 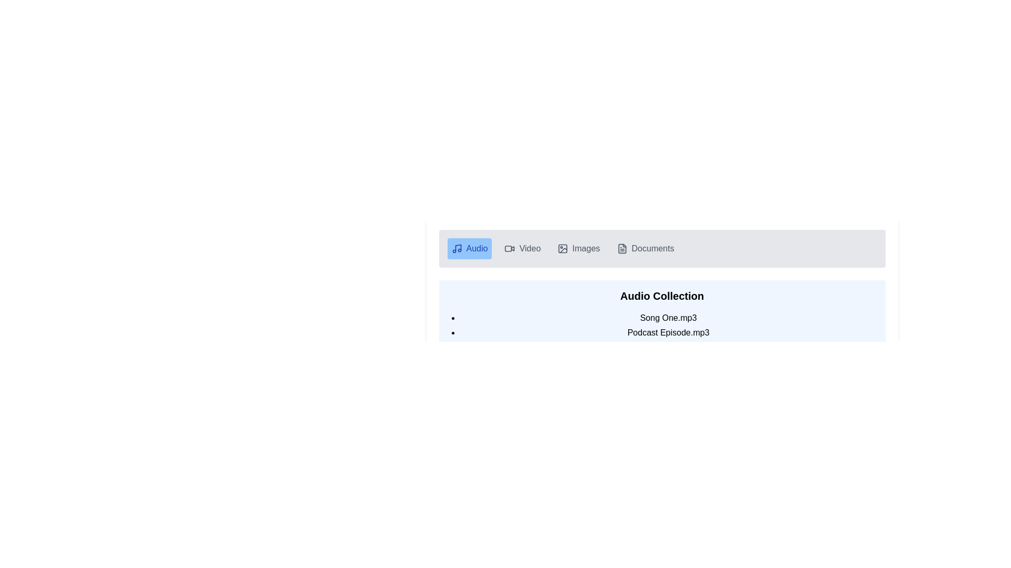 I want to click on the rectangular icon background of the SVG image icon, which serves as the main body and has rounded corners, so click(x=562, y=249).